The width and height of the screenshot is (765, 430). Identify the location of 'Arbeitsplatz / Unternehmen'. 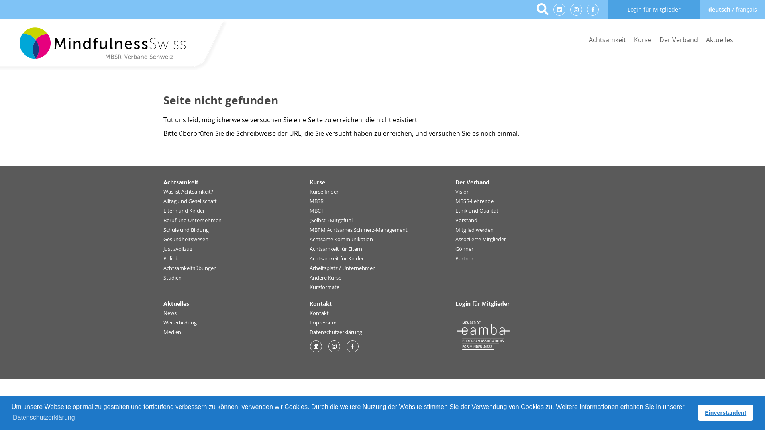
(342, 268).